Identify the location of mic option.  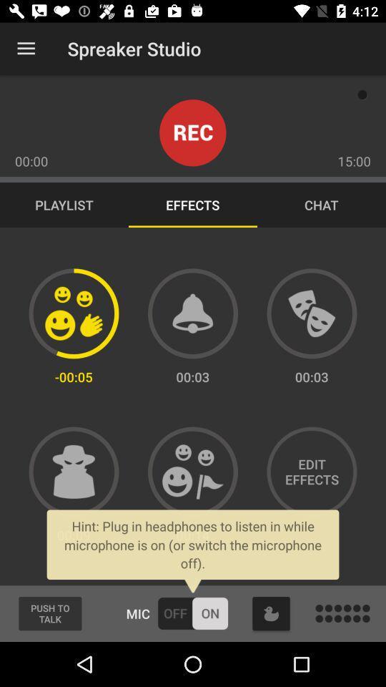
(192, 613).